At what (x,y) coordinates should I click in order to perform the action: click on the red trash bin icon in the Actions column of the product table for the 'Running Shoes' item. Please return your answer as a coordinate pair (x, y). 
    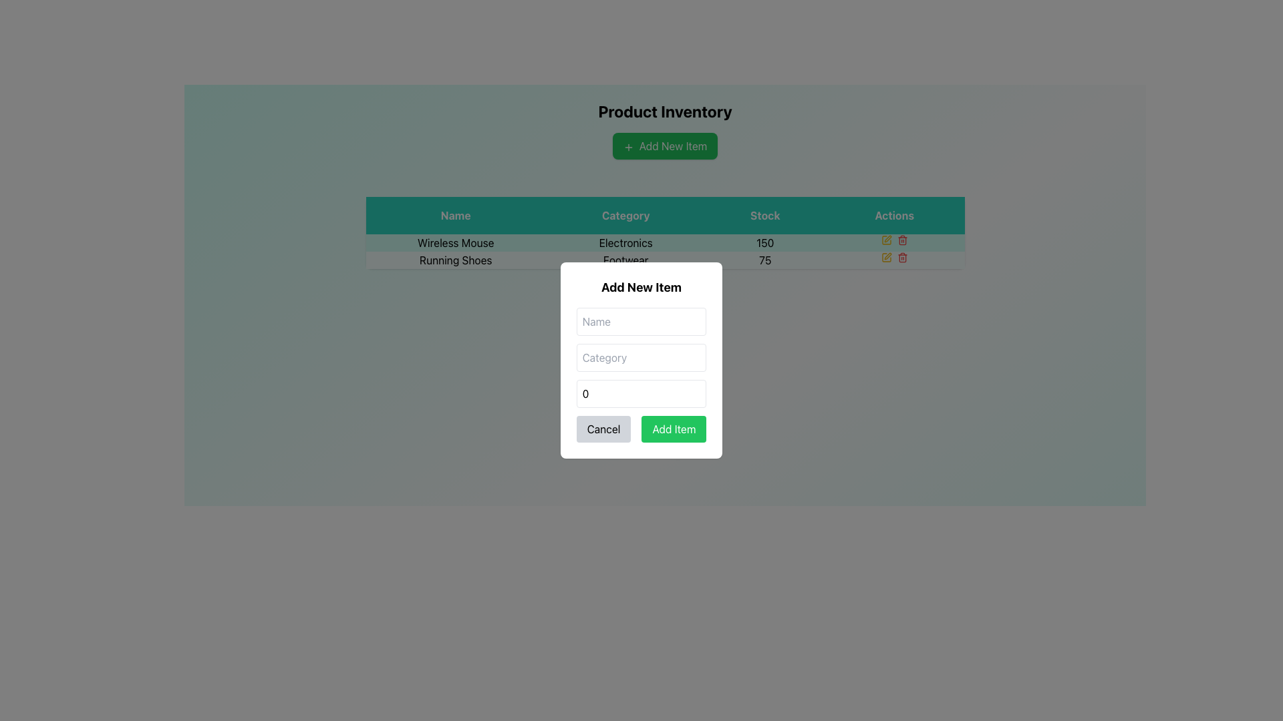
    Looking at the image, I should click on (894, 257).